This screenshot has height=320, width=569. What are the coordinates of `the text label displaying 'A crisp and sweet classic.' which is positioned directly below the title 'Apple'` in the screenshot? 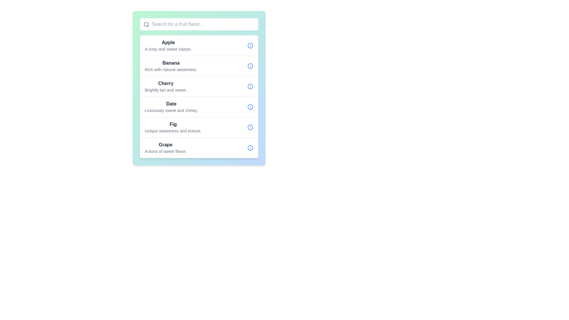 It's located at (168, 49).